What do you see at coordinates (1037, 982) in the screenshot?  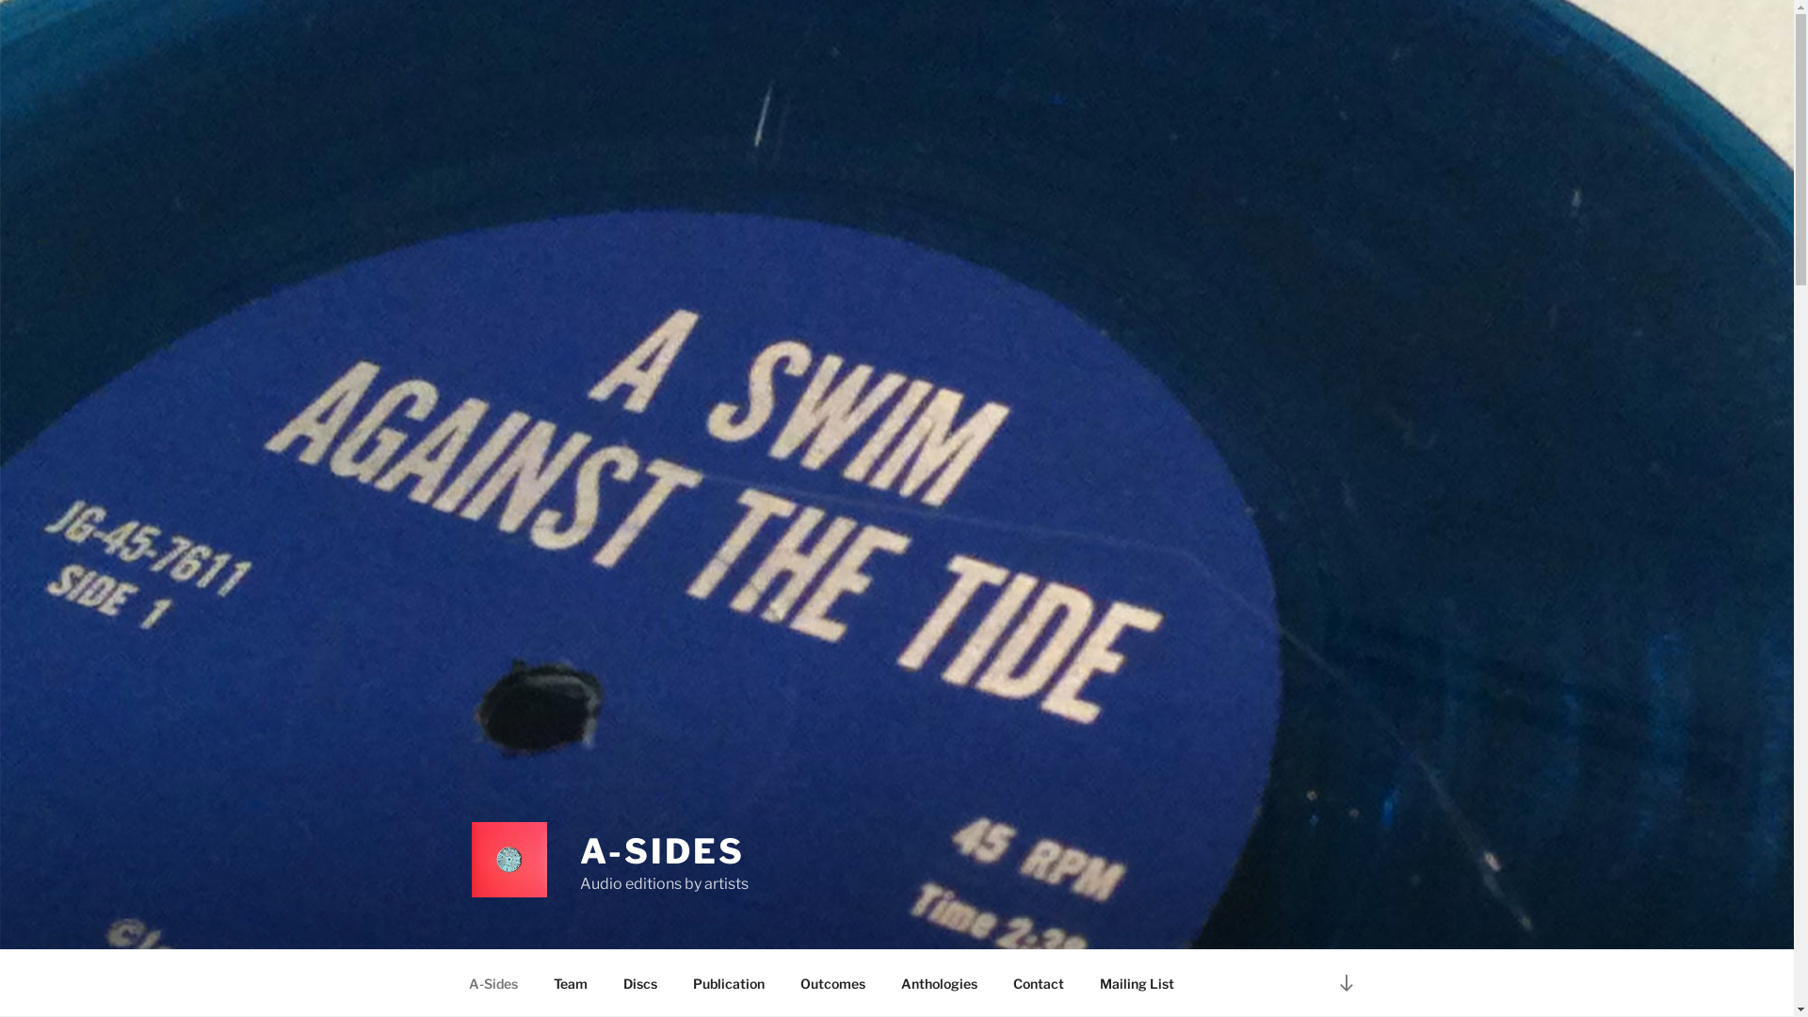 I see `'Contact'` at bounding box center [1037, 982].